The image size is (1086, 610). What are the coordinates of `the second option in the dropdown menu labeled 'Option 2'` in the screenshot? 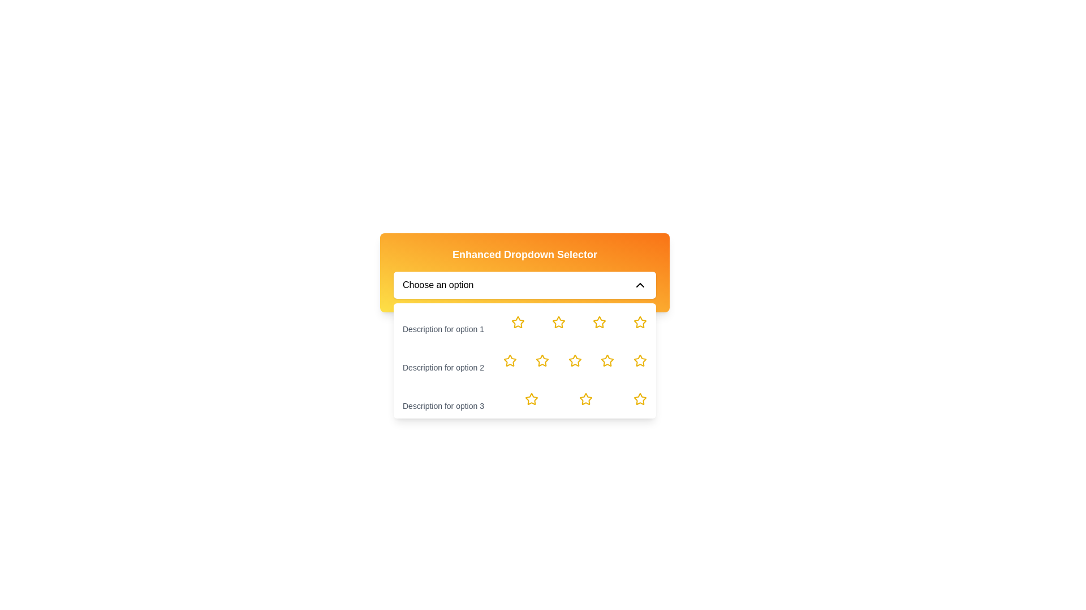 It's located at (524, 361).